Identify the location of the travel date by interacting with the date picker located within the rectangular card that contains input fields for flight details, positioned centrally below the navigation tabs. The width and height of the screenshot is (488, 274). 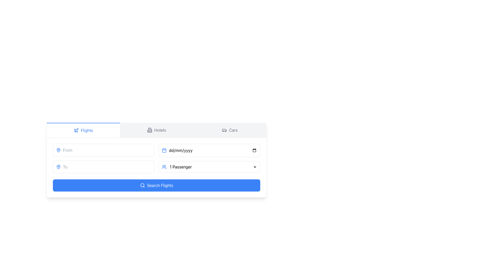
(156, 160).